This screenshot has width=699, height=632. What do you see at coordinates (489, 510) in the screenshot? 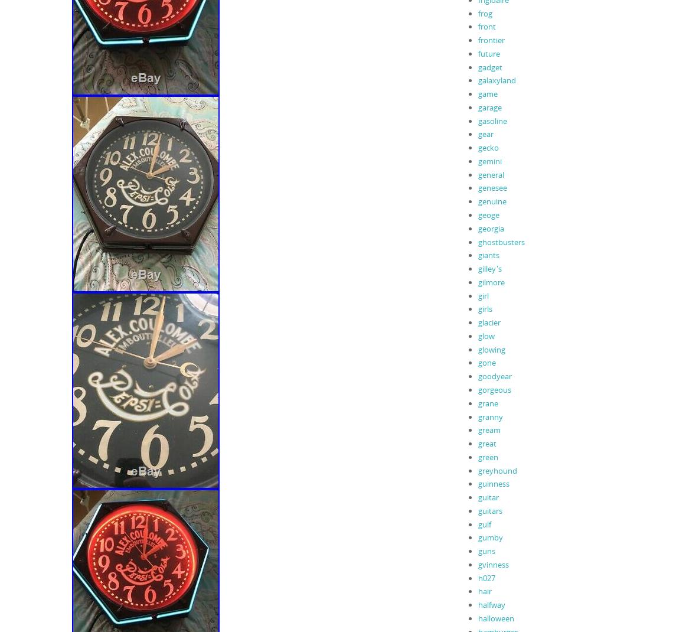
I see `'guitars'` at bounding box center [489, 510].